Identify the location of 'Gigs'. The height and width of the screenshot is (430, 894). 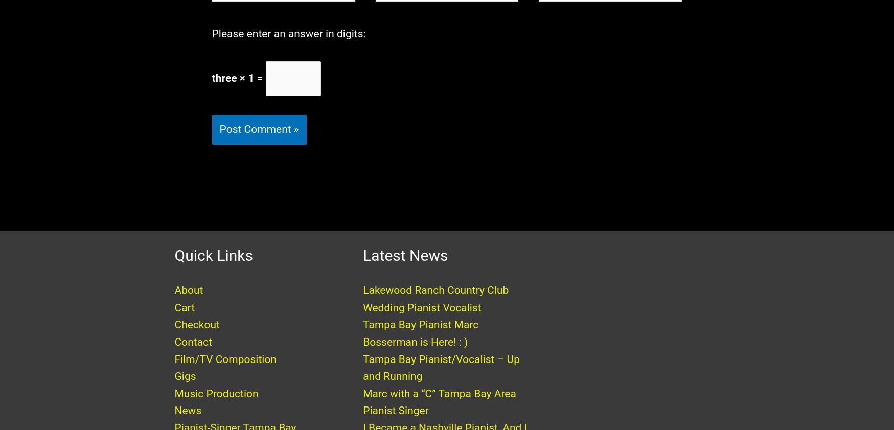
(185, 386).